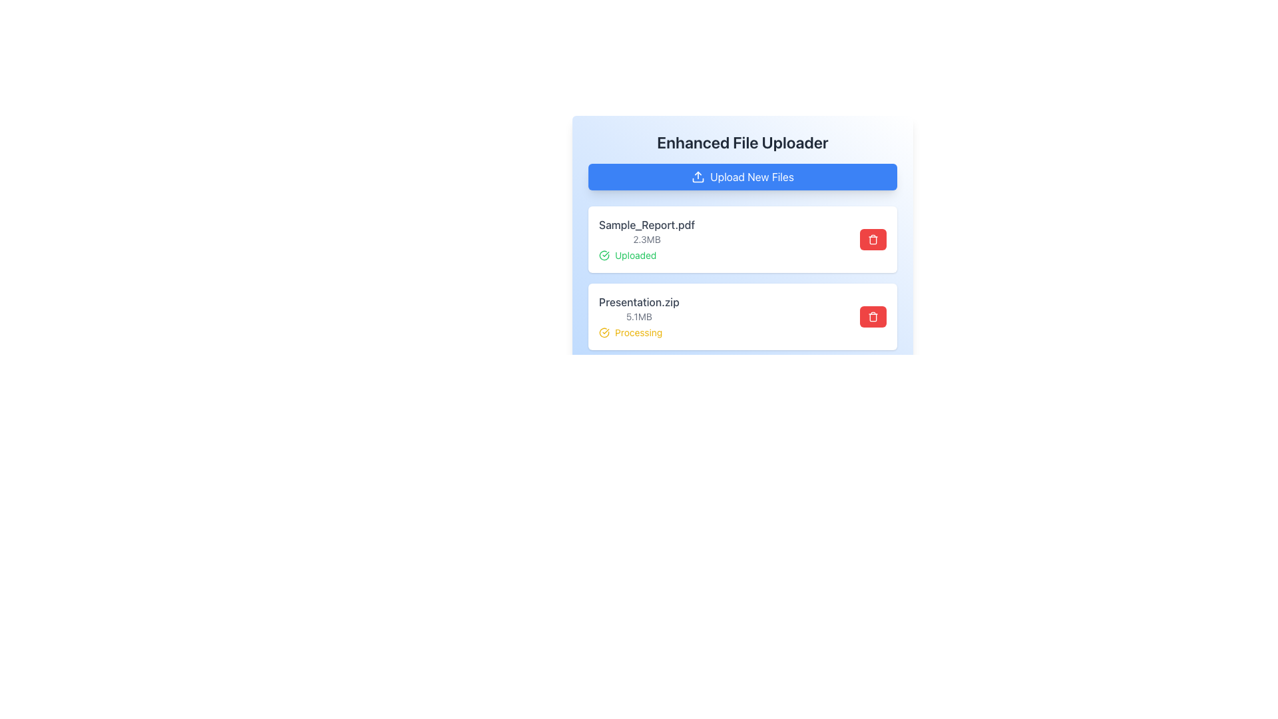 Image resolution: width=1278 pixels, height=719 pixels. What do you see at coordinates (603, 256) in the screenshot?
I see `the visual indicator icon for the uploaded file 'Sample_Report.pdf'` at bounding box center [603, 256].